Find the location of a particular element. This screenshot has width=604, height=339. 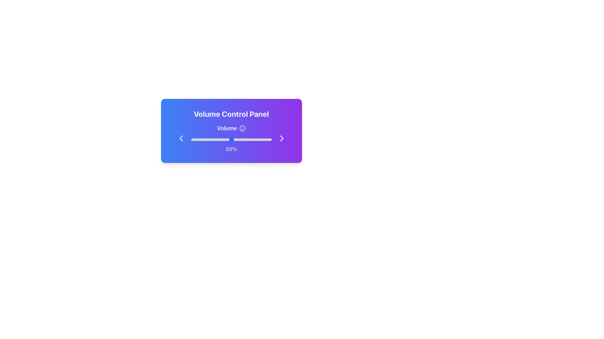

the volume level is located at coordinates (194, 139).